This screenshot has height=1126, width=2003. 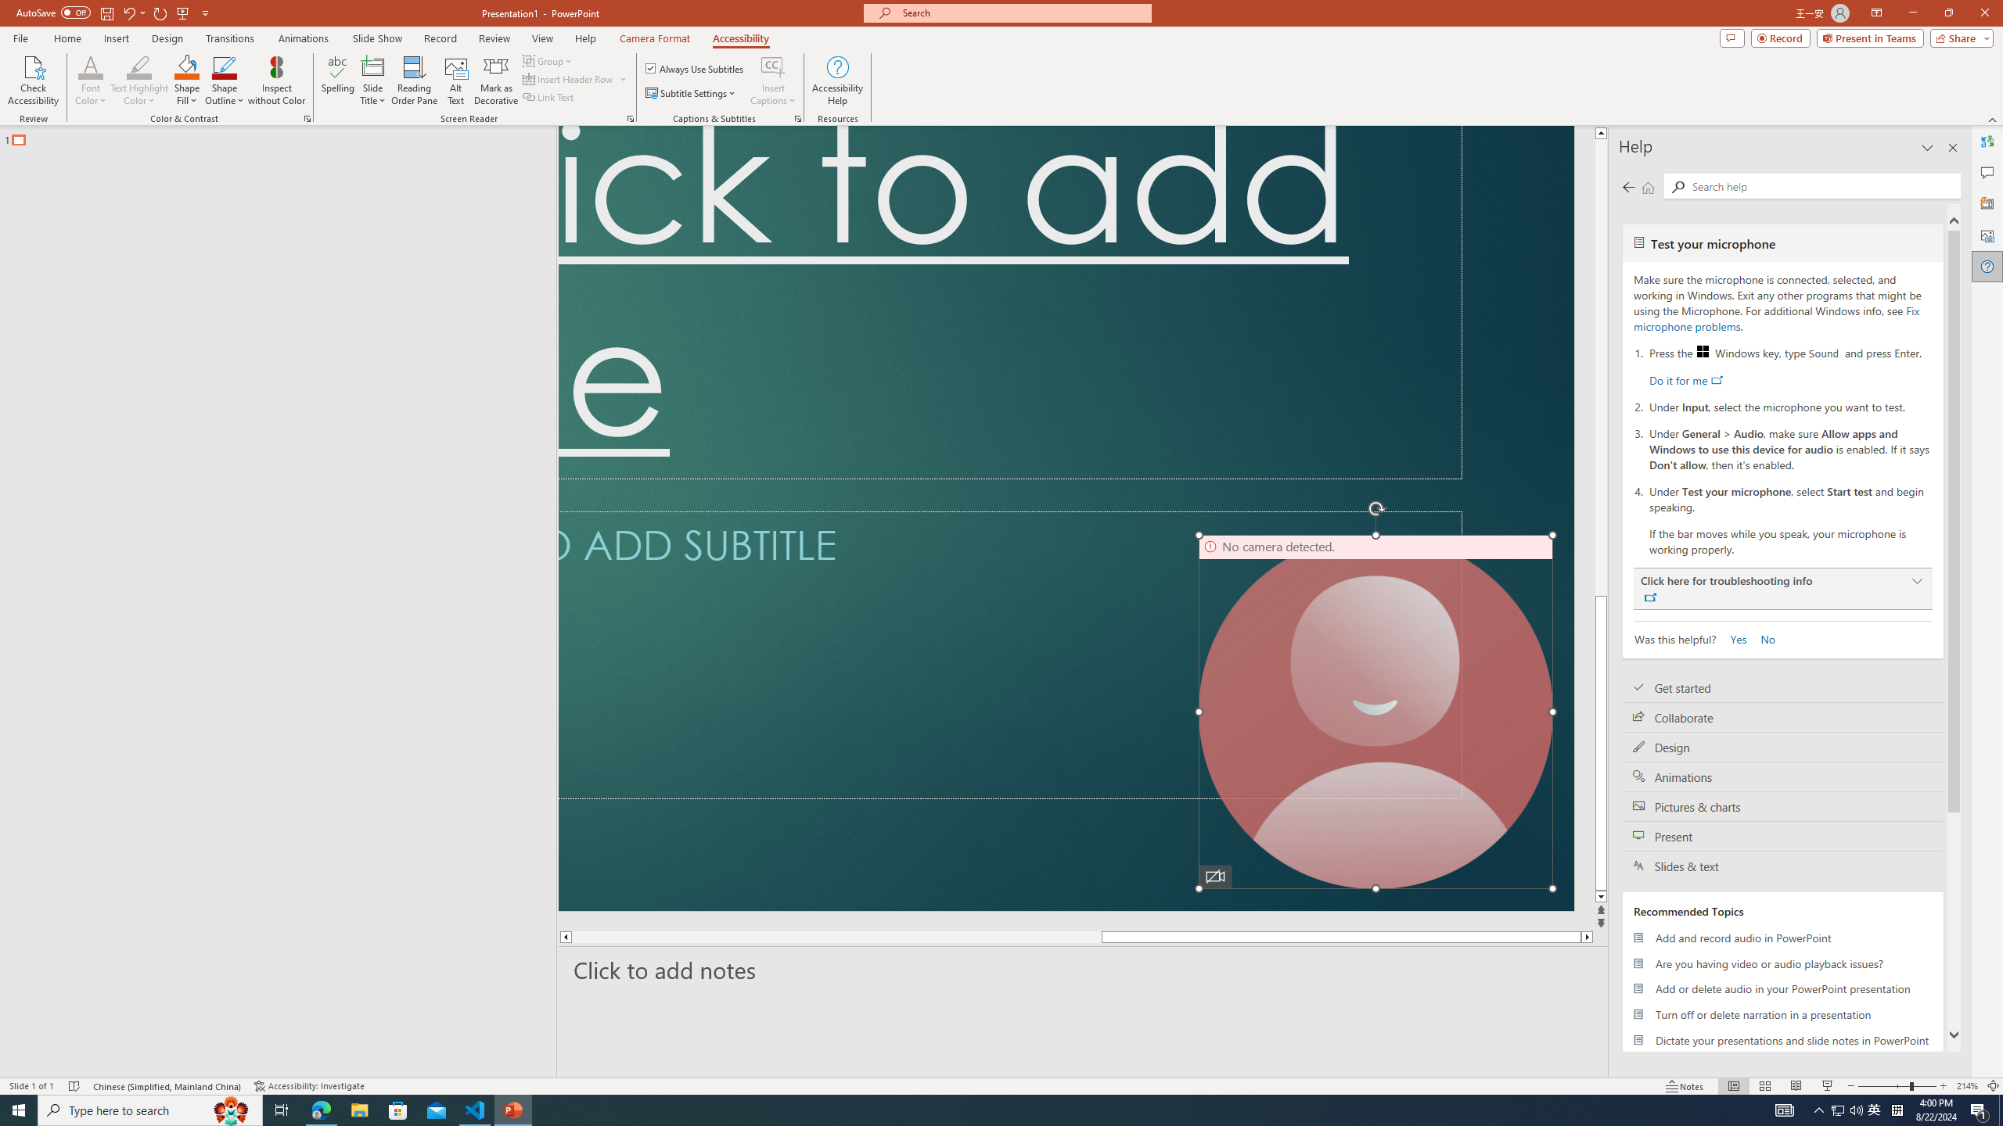 What do you see at coordinates (1968, 1086) in the screenshot?
I see `'Zoom 214%'` at bounding box center [1968, 1086].